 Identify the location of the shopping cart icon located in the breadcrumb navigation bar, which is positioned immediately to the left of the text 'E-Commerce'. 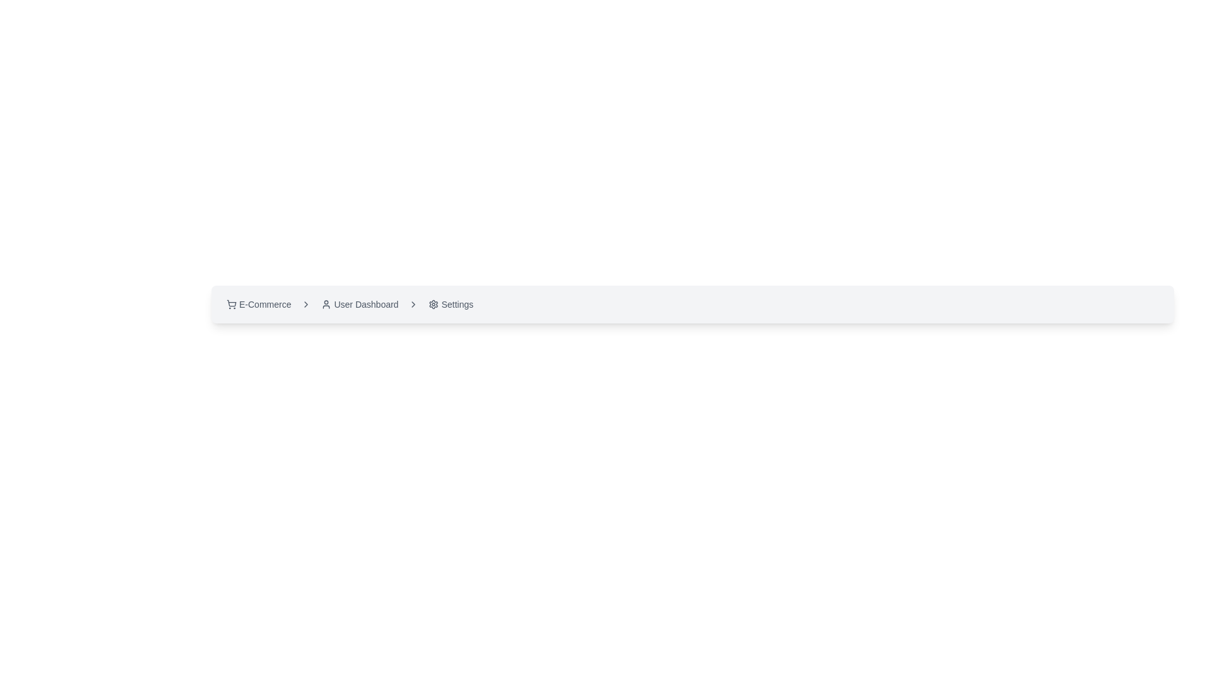
(232, 303).